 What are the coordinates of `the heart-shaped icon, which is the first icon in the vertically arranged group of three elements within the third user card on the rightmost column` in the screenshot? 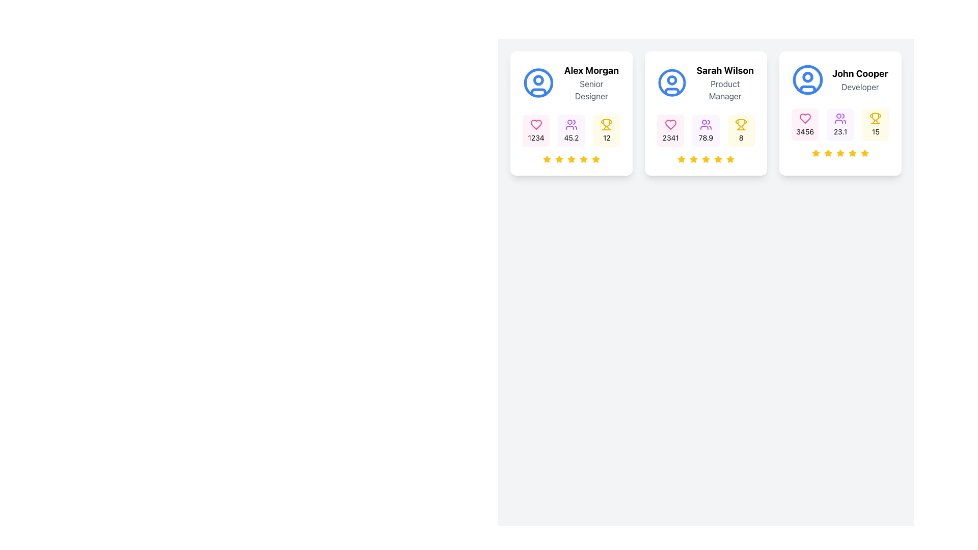 It's located at (804, 118).